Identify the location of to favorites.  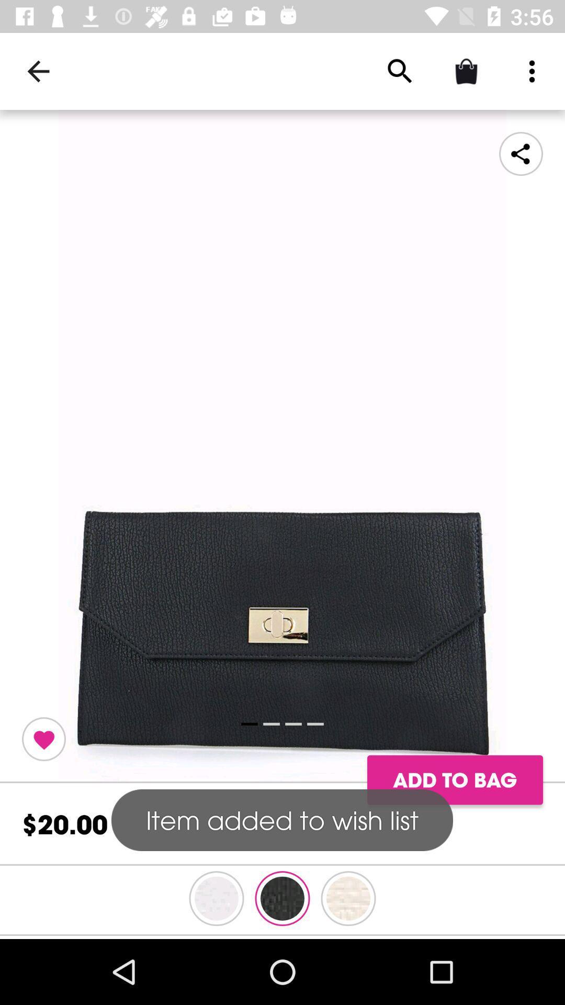
(43, 739).